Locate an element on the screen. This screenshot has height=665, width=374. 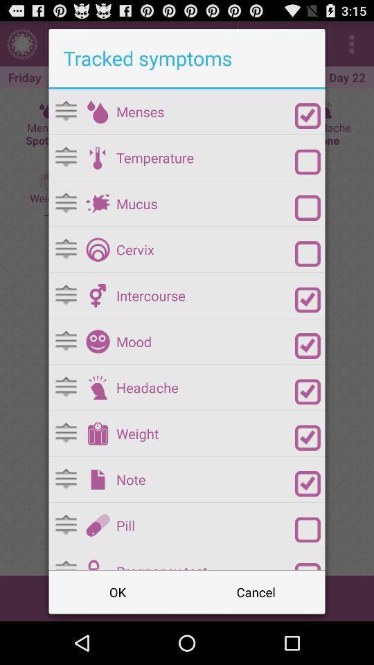
symptom of headache is located at coordinates (97, 387).